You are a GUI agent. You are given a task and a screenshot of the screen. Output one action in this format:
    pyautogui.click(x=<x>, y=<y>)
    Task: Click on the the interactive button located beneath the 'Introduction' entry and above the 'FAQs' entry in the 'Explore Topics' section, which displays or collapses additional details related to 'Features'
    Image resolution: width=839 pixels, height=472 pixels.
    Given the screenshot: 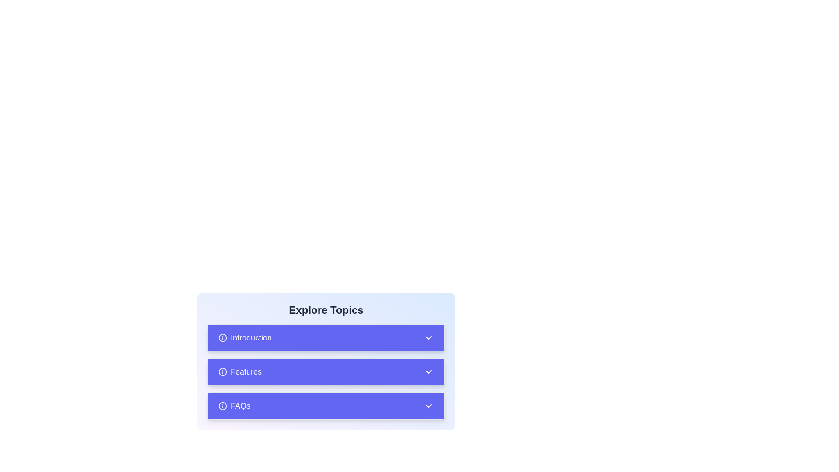 What is the action you would take?
    pyautogui.click(x=326, y=372)
    